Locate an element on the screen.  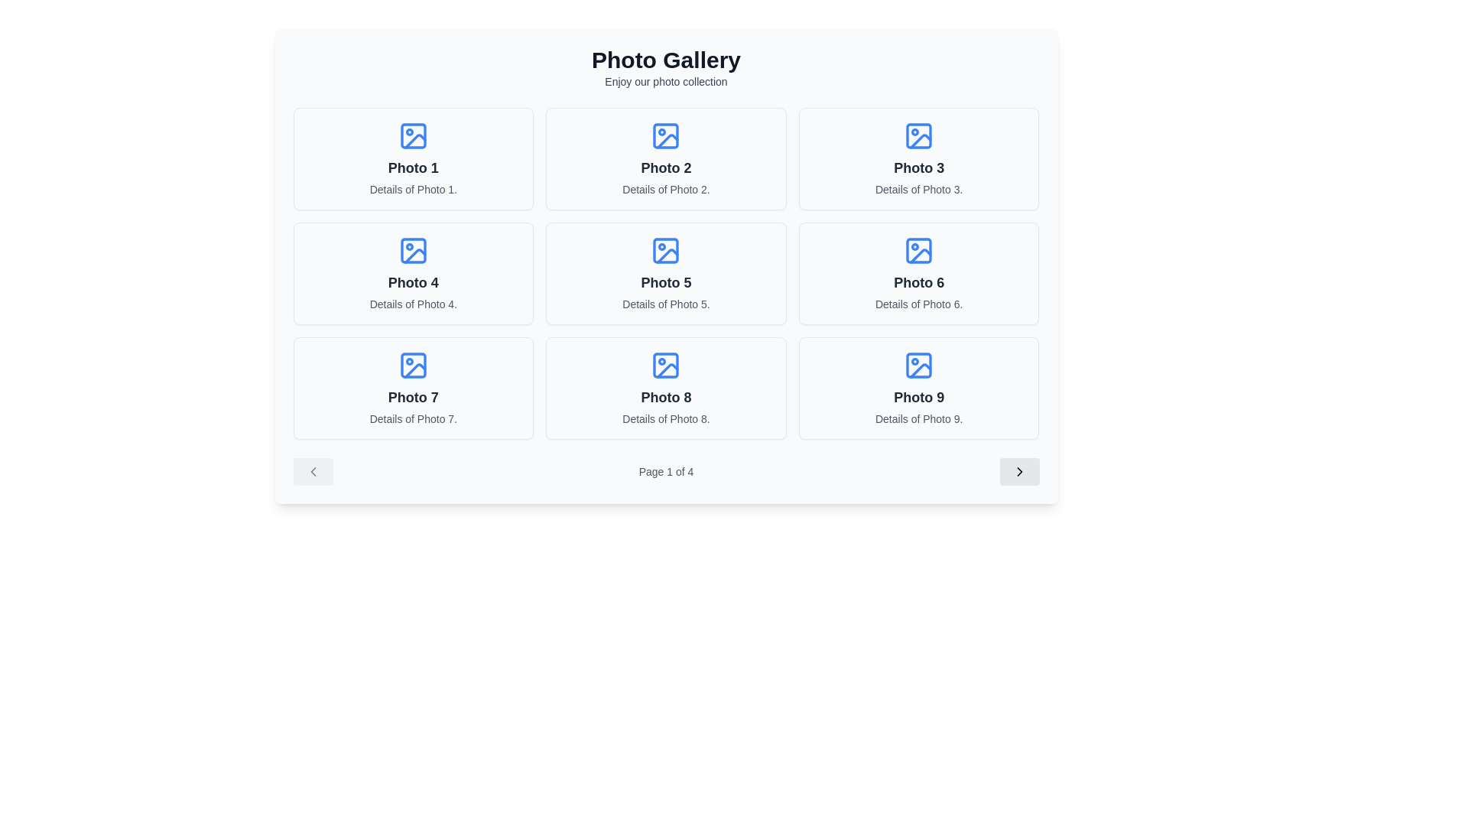
the static text element that displays the current page number and total number of pages, located centrally within the bottom navigation bar is located at coordinates (666, 471).